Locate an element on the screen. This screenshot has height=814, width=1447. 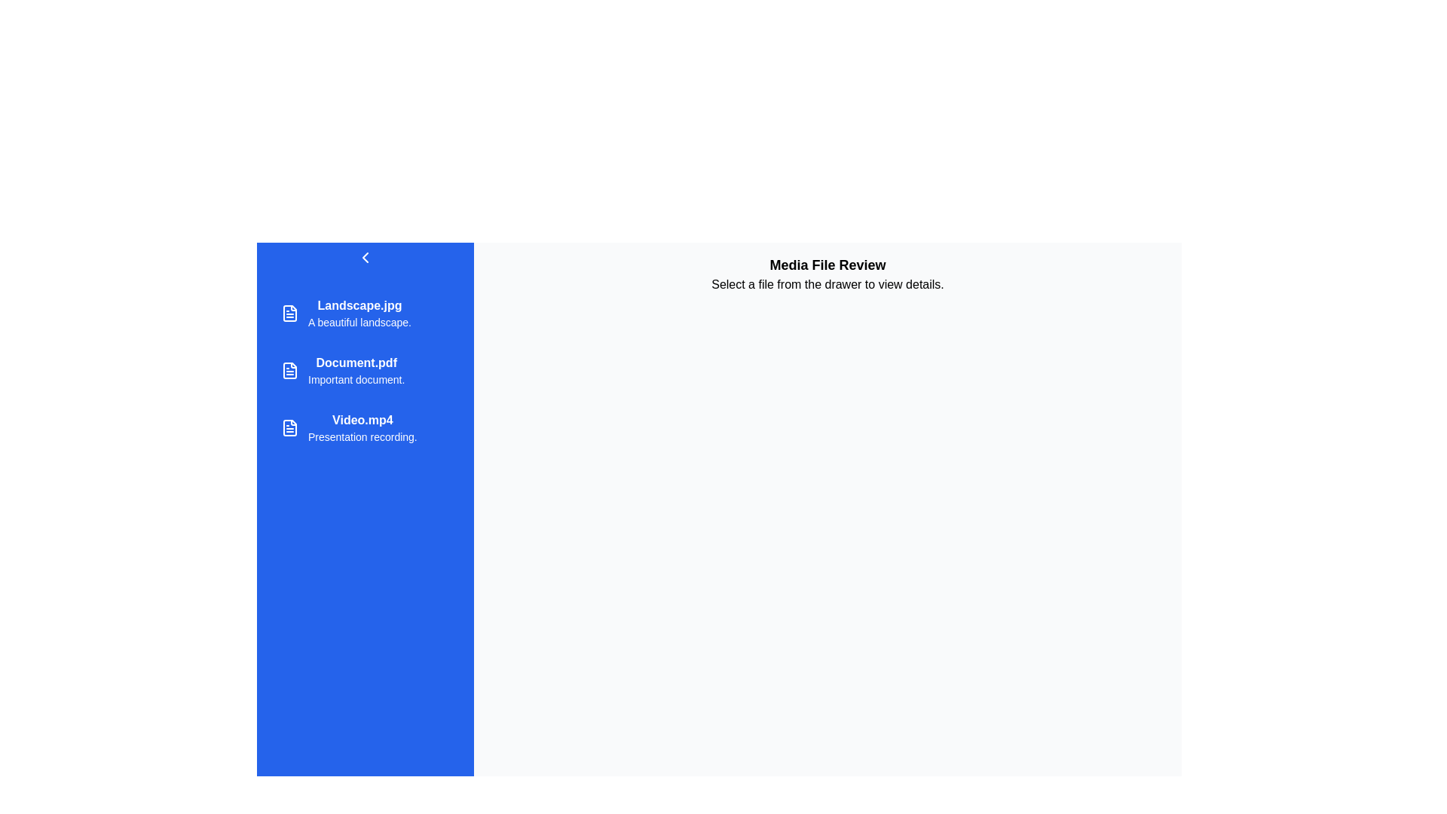
the list item labeled 'Video.mp4' with a description 'Presentation recording.' located in the left sidebar menu, which is the third entry in the vertical list is located at coordinates (363, 427).